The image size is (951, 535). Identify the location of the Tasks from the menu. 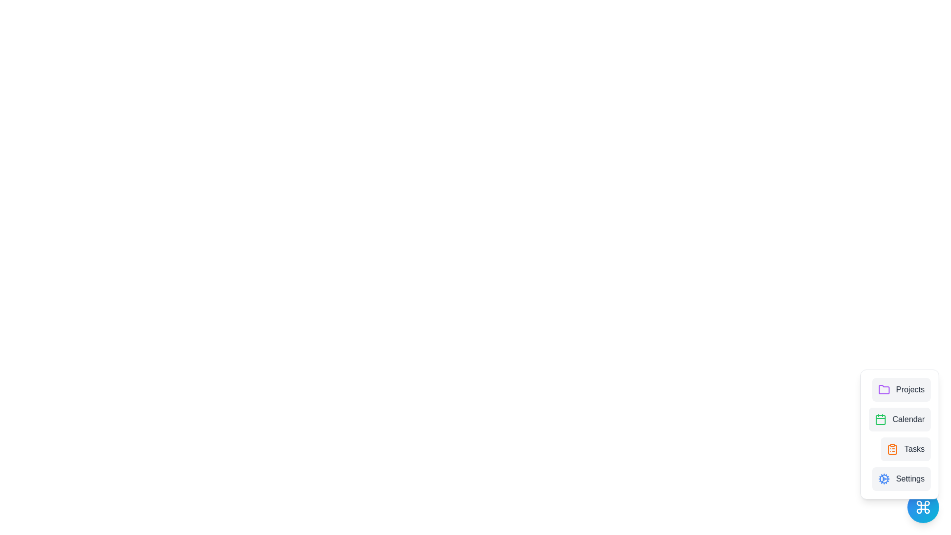
(905, 449).